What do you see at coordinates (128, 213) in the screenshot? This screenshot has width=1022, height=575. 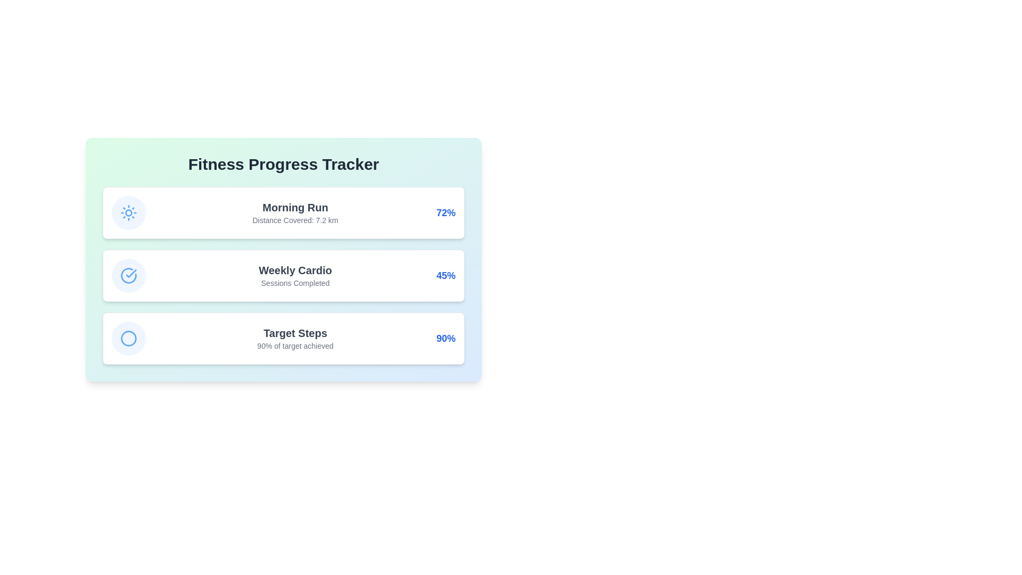 I see `the circular icon with a light blue background and sun-like symbol in blue, located in the top-left corner of the 'Morning Run' card in the 'Fitness Progress Tracker' interface` at bounding box center [128, 213].